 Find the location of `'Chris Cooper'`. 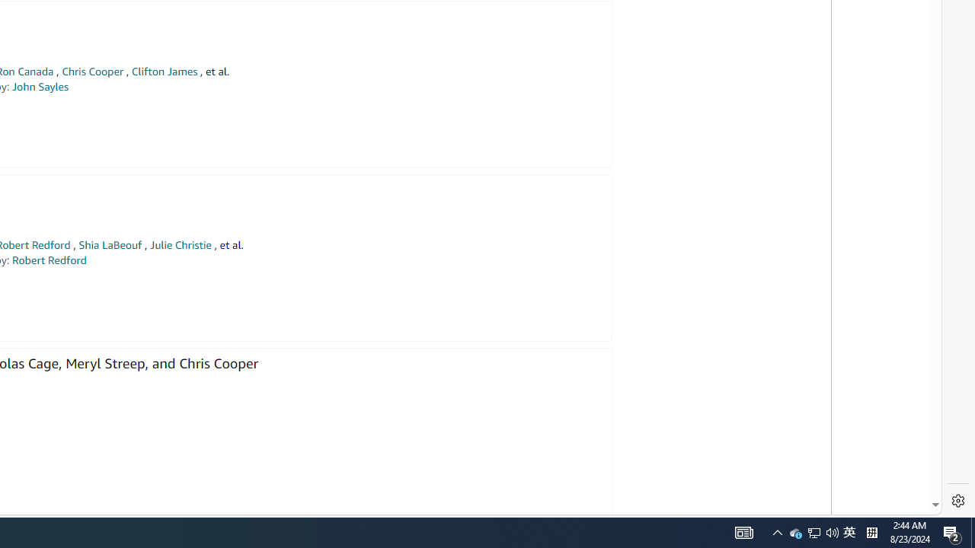

'Chris Cooper' is located at coordinates (91, 72).